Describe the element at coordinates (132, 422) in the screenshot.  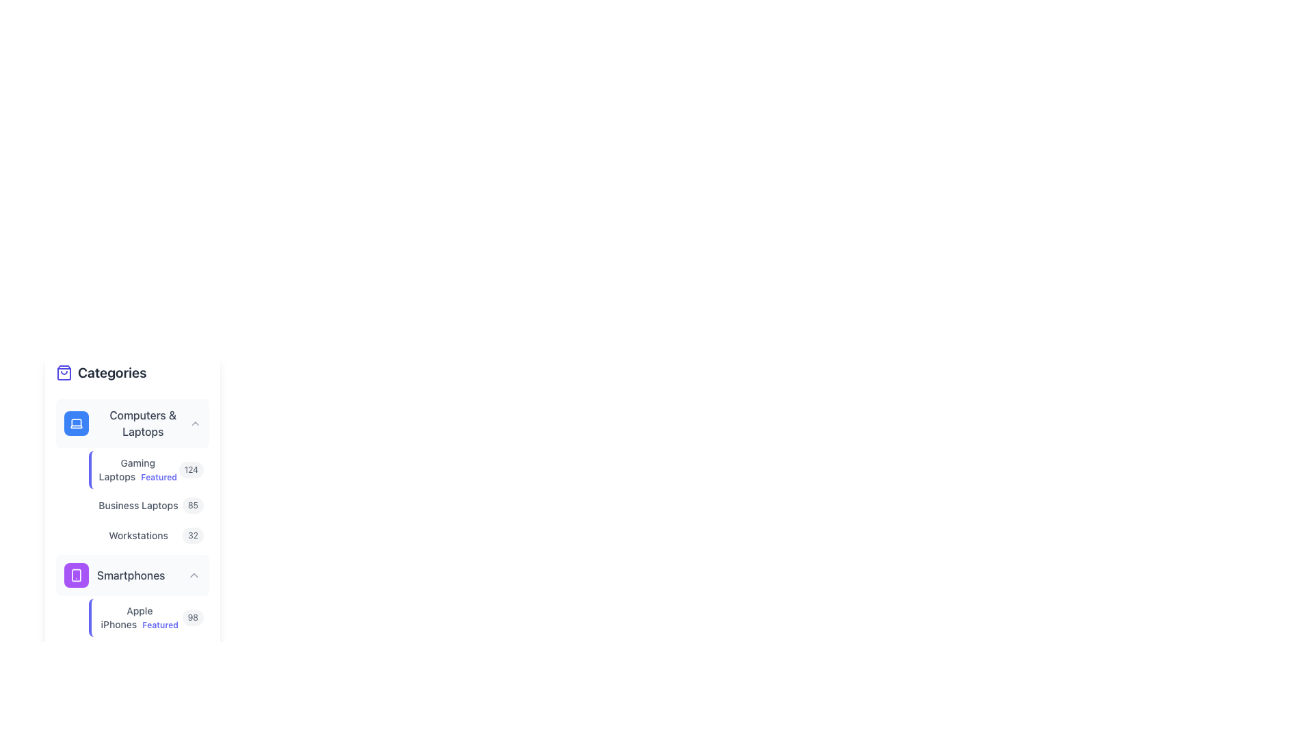
I see `the 'Computers & Laptops' category button with a blue background and a laptop icon` at that location.